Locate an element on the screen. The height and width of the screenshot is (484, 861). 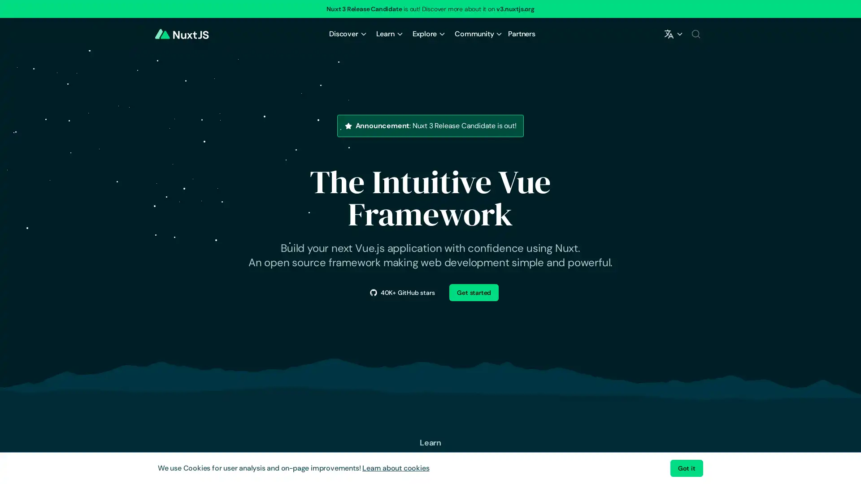
Search is located at coordinates (695, 34).